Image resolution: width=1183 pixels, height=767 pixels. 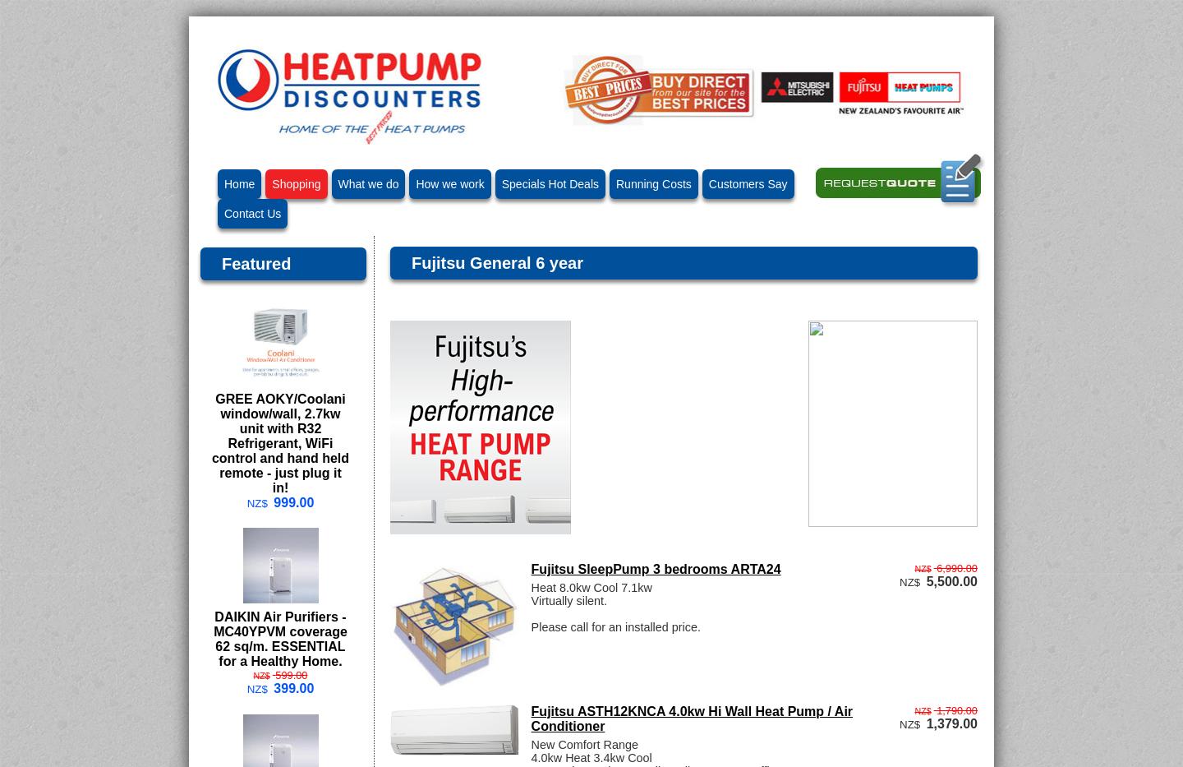 What do you see at coordinates (529, 625) in the screenshot?
I see `'Please call for an installed price.'` at bounding box center [529, 625].